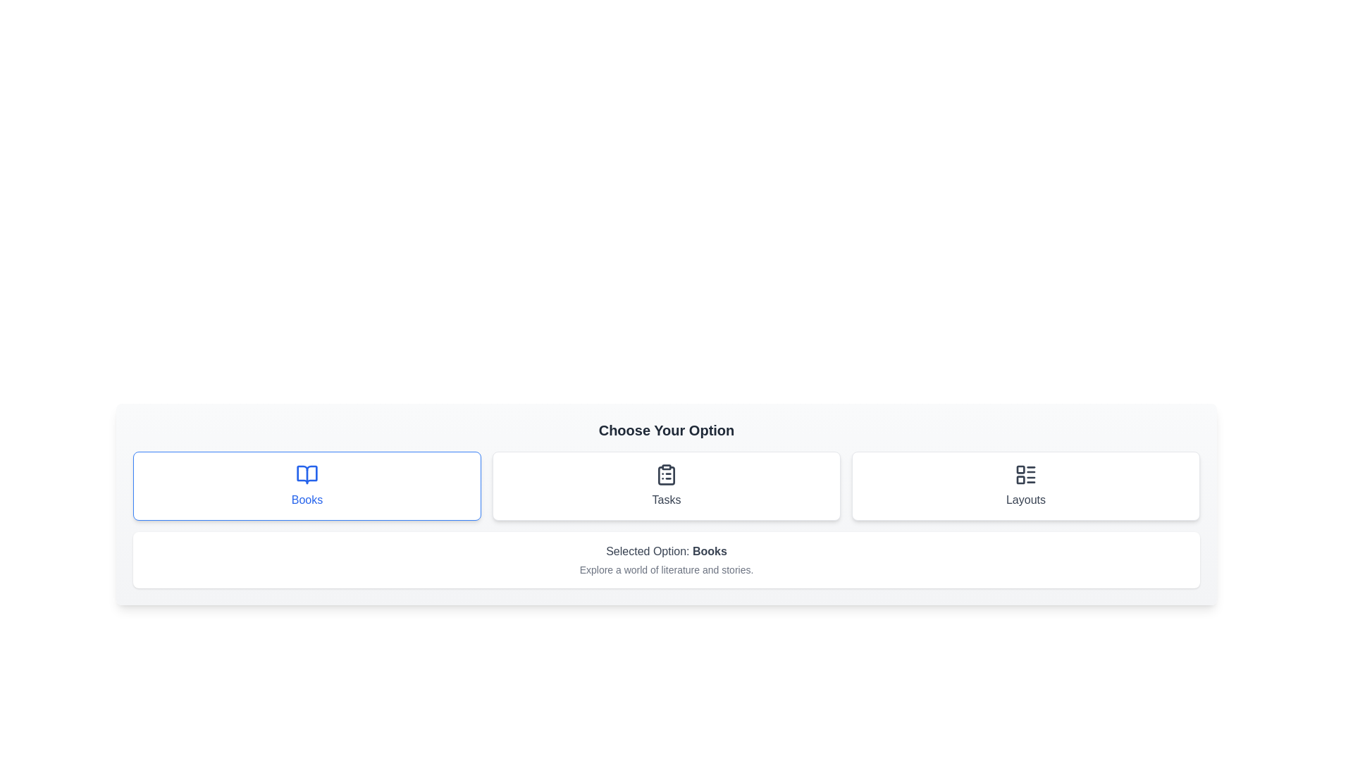 This screenshot has height=761, width=1353. What do you see at coordinates (307, 475) in the screenshot?
I see `the open book icon, which is part of the 'Books' section` at bounding box center [307, 475].